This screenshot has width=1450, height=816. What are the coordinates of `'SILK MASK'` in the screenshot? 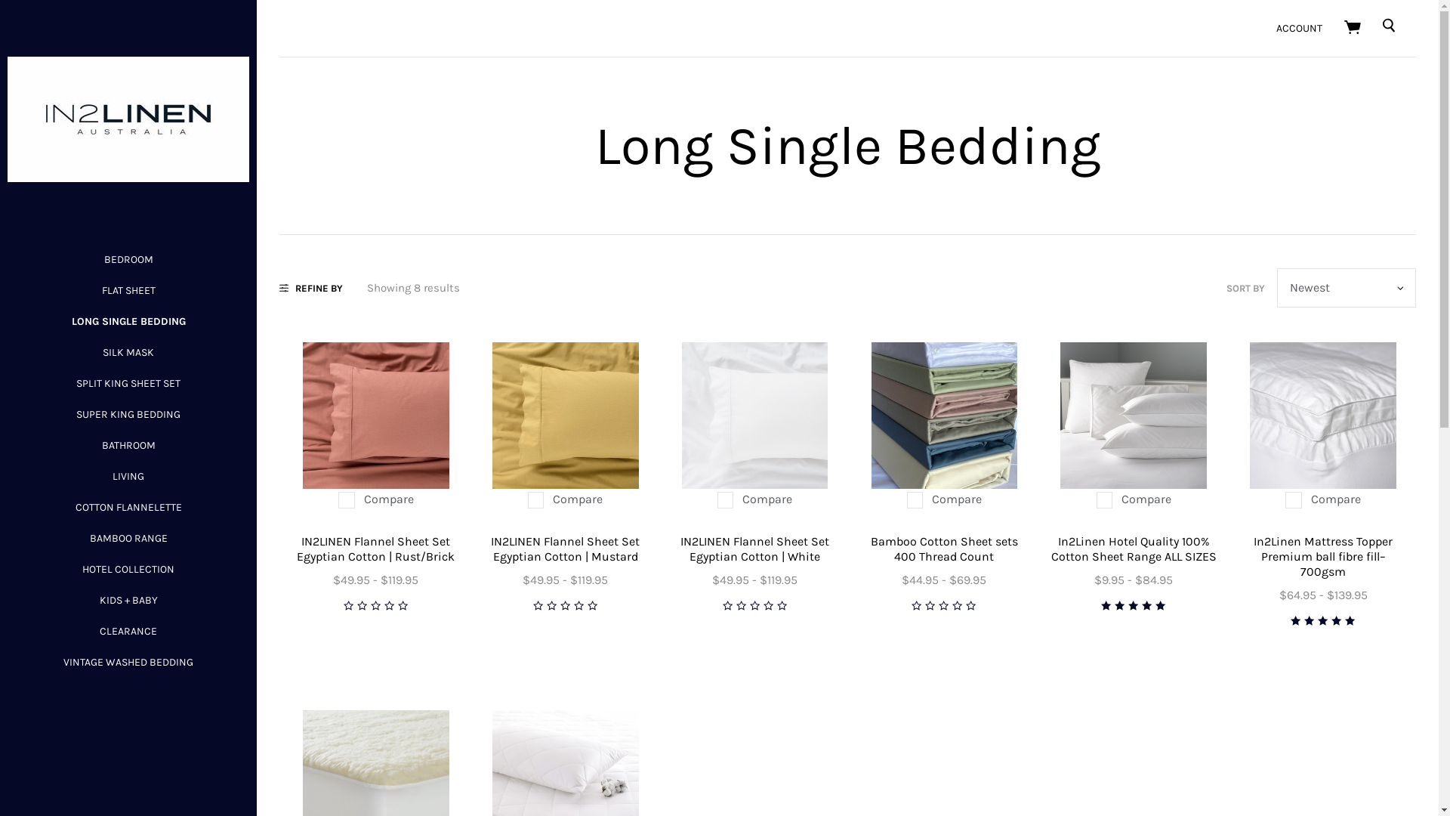 It's located at (128, 352).